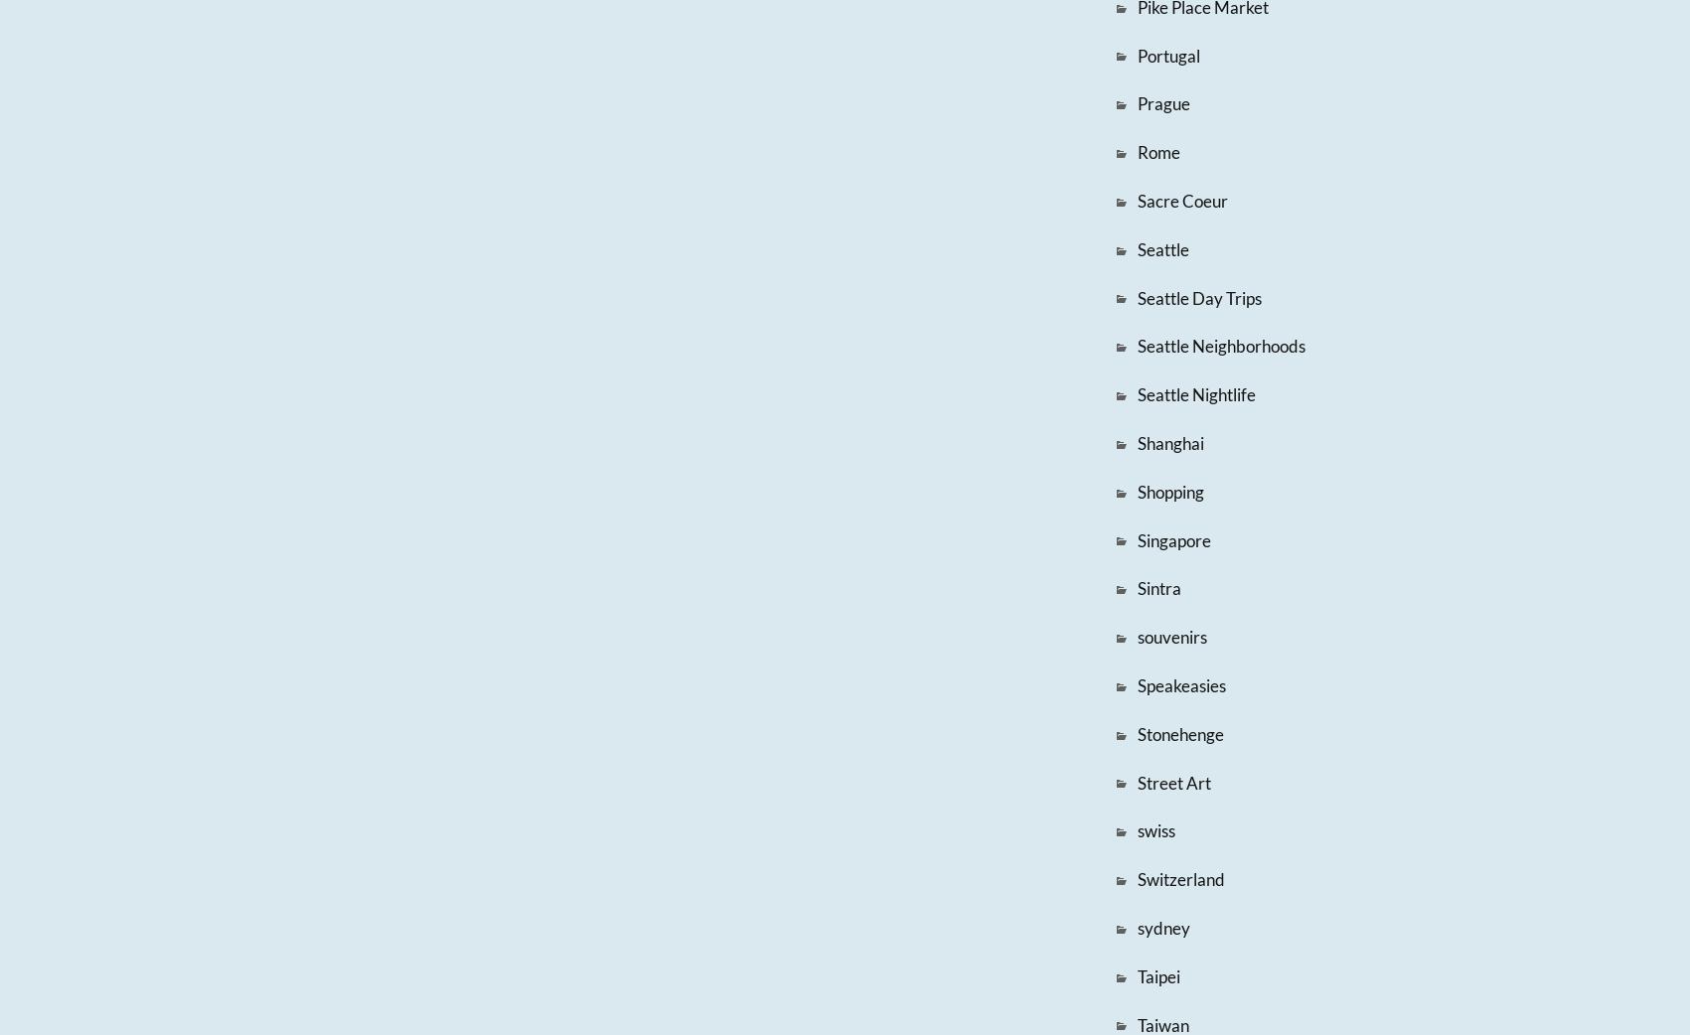 This screenshot has height=1035, width=1690. I want to click on 'Shopping', so click(1168, 491).